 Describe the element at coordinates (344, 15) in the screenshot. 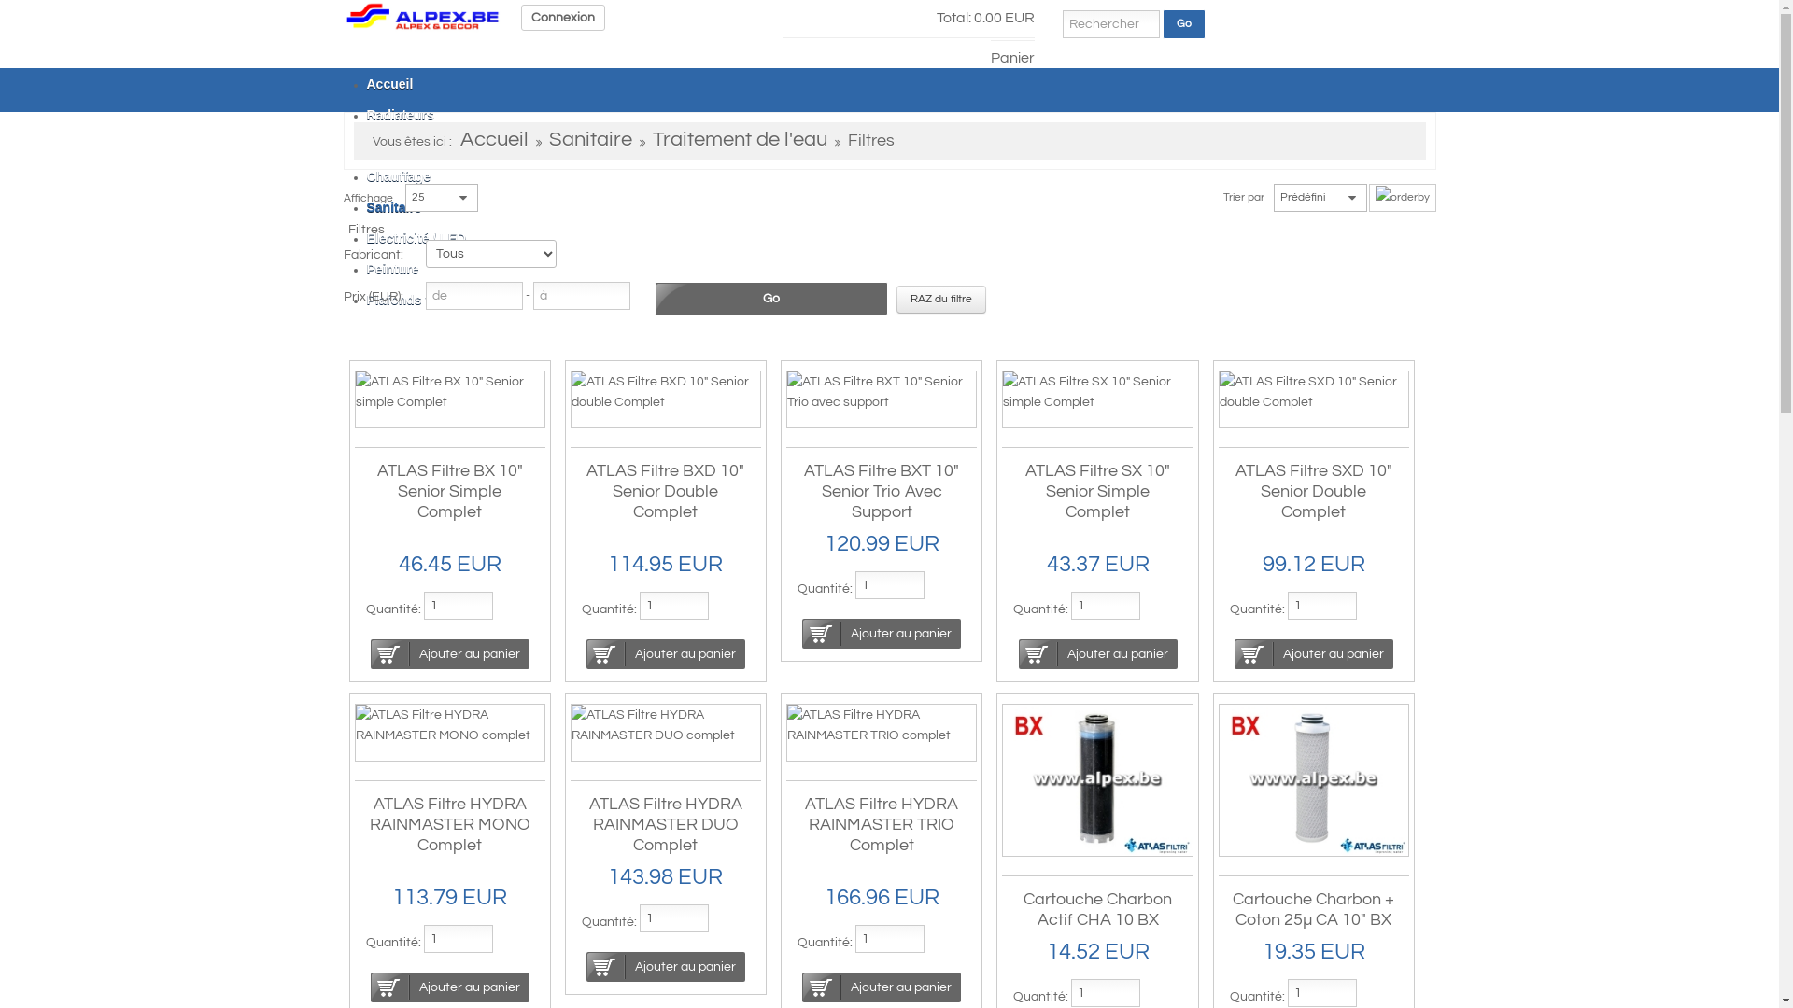

I see `'Accueil'` at that location.